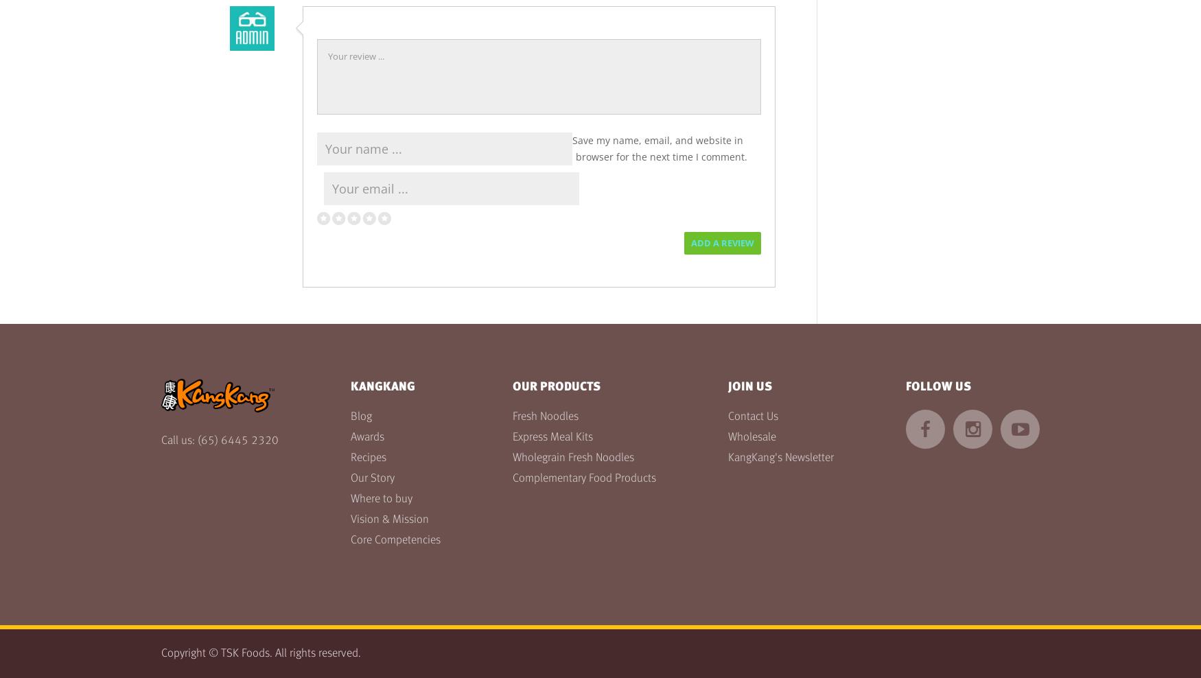 This screenshot has height=678, width=1201. I want to click on 'Blog', so click(349, 417).